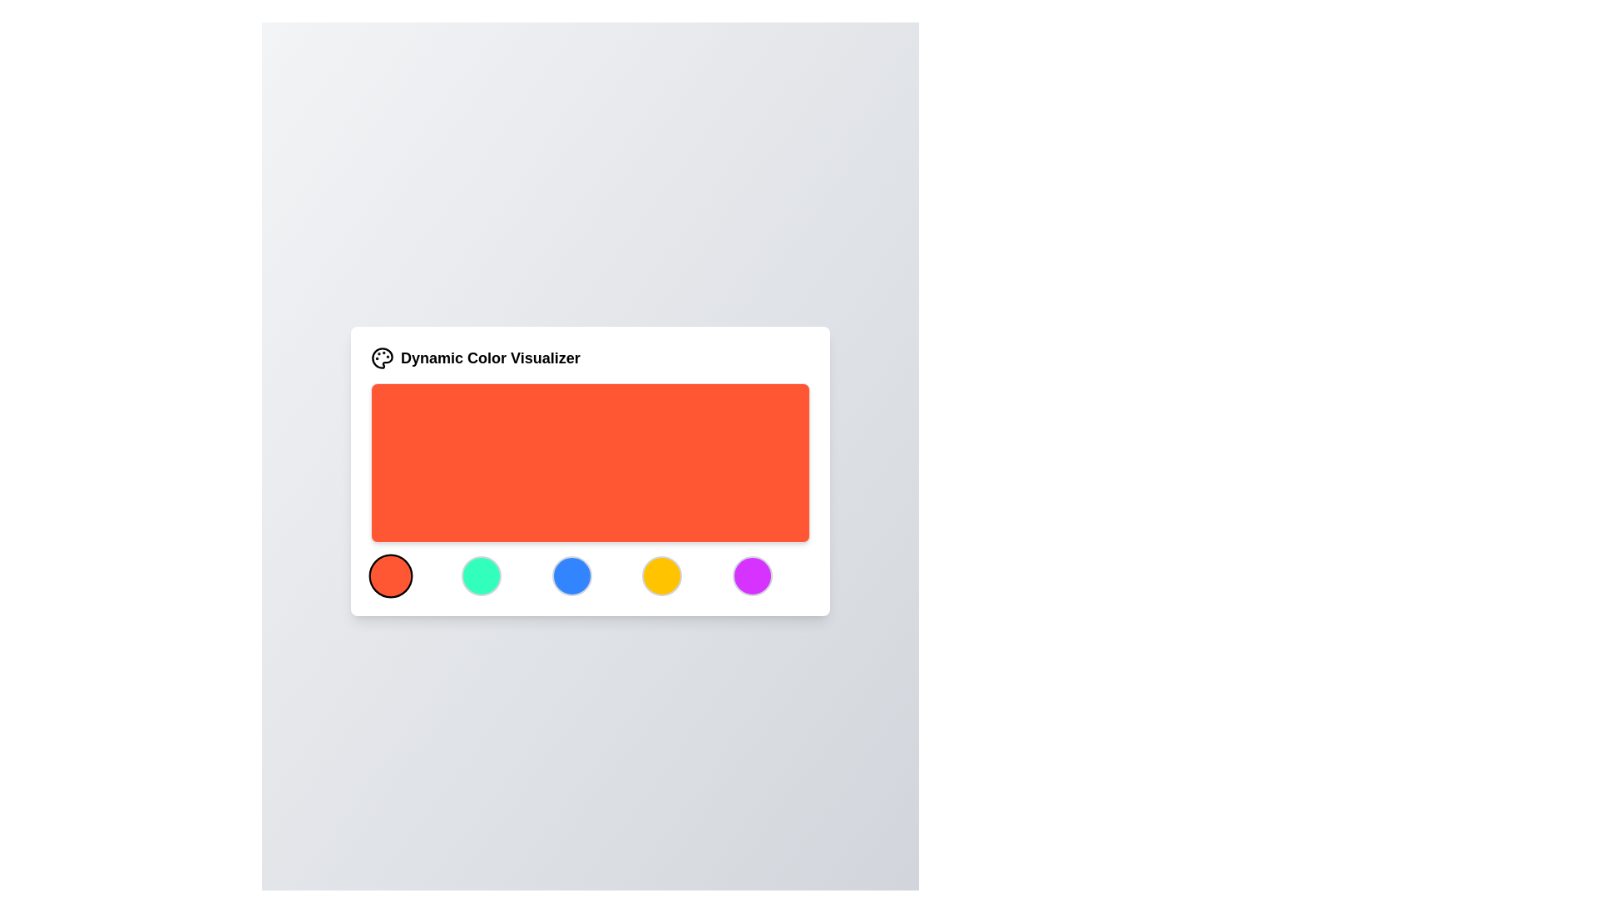 The height and width of the screenshot is (898, 1597). Describe the element at coordinates (591, 575) in the screenshot. I see `each of the five interactive circular buttons in the color selection grid located at the bottom of the 'Dynamic Color Visualizer' card` at that location.